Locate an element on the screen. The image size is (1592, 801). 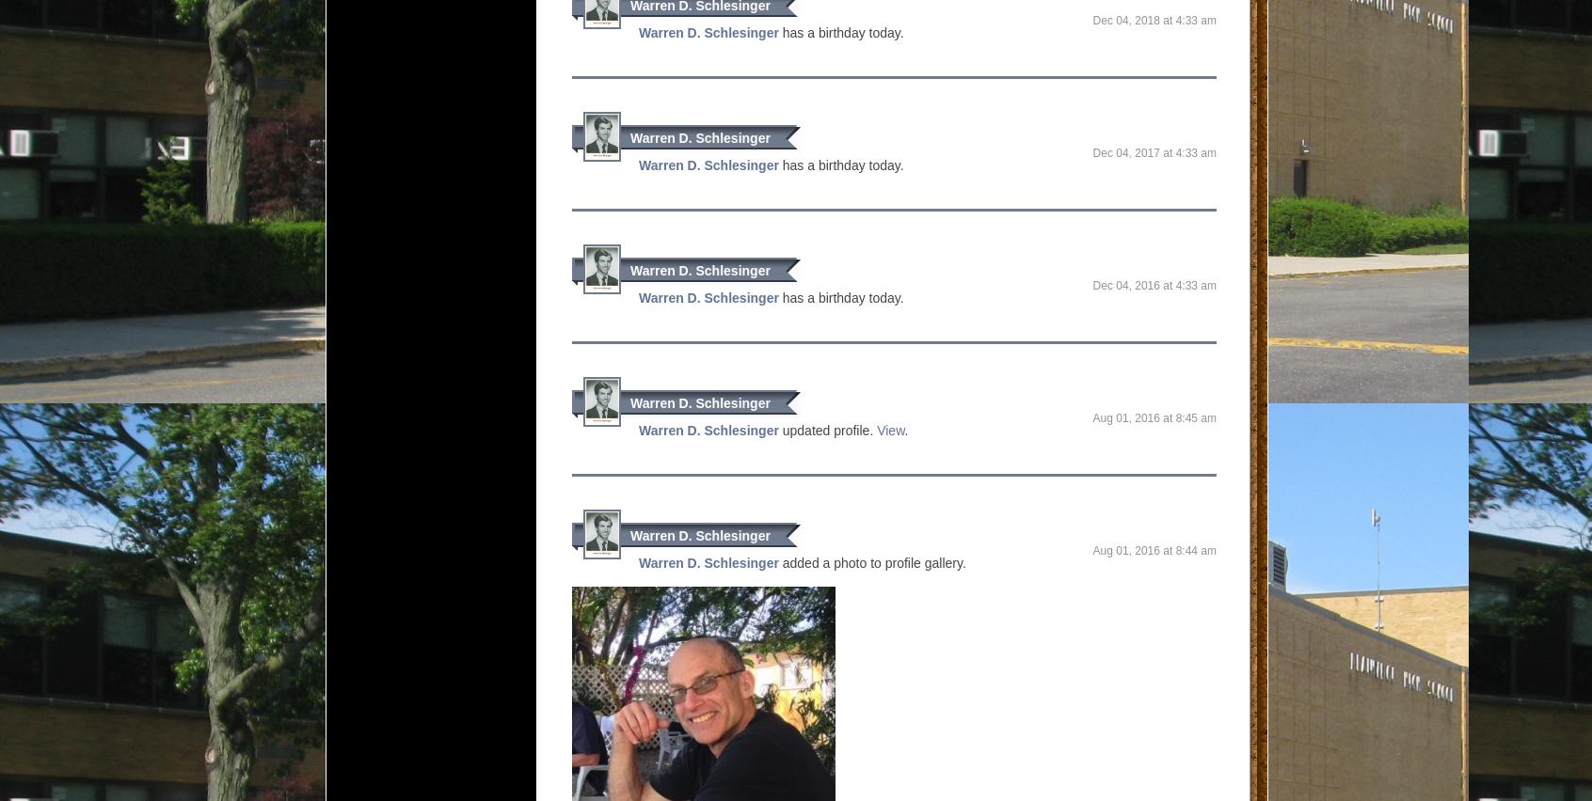
'8:45 AM' is located at coordinates (1195, 416).